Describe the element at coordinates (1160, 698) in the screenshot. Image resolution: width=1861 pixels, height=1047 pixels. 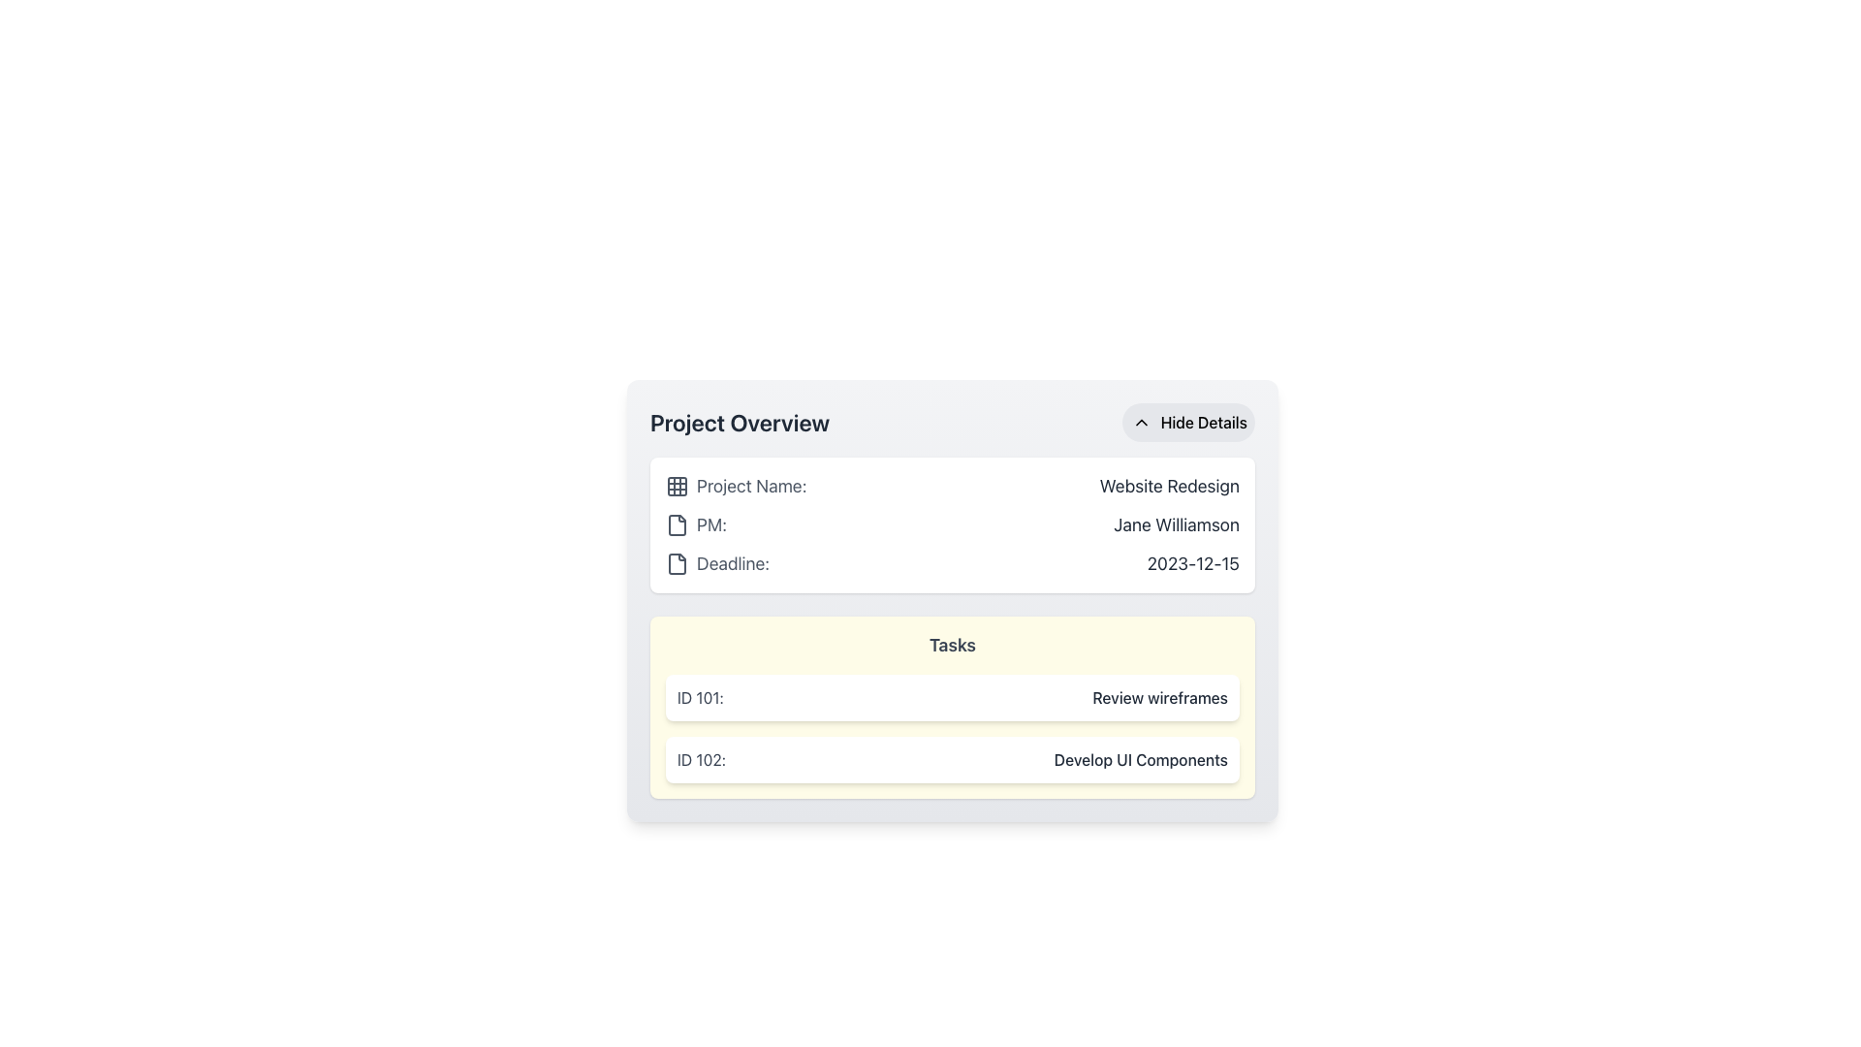
I see `the text label that serves as the description for Task ID 101, located on the right-hand side of 'ID 101:'` at that location.